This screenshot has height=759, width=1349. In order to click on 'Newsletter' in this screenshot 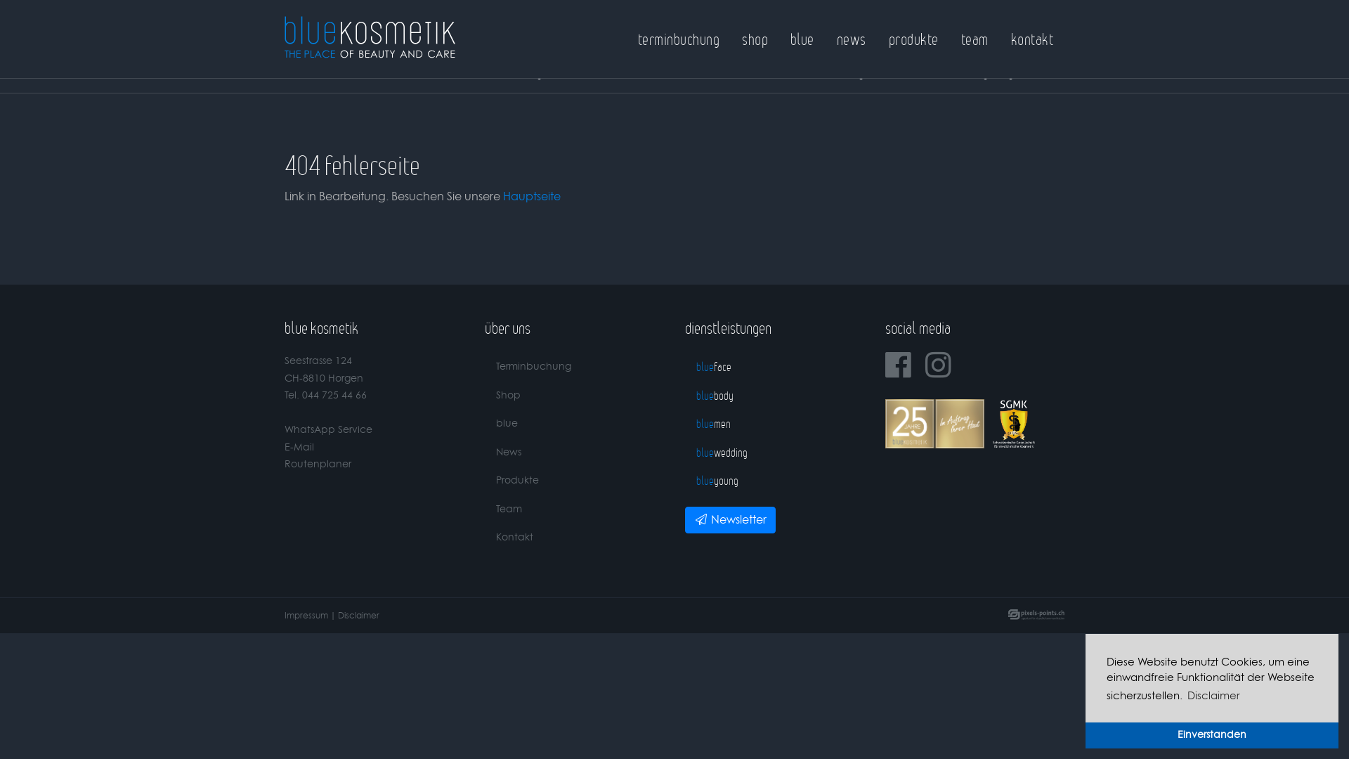, I will do `click(730, 520)`.